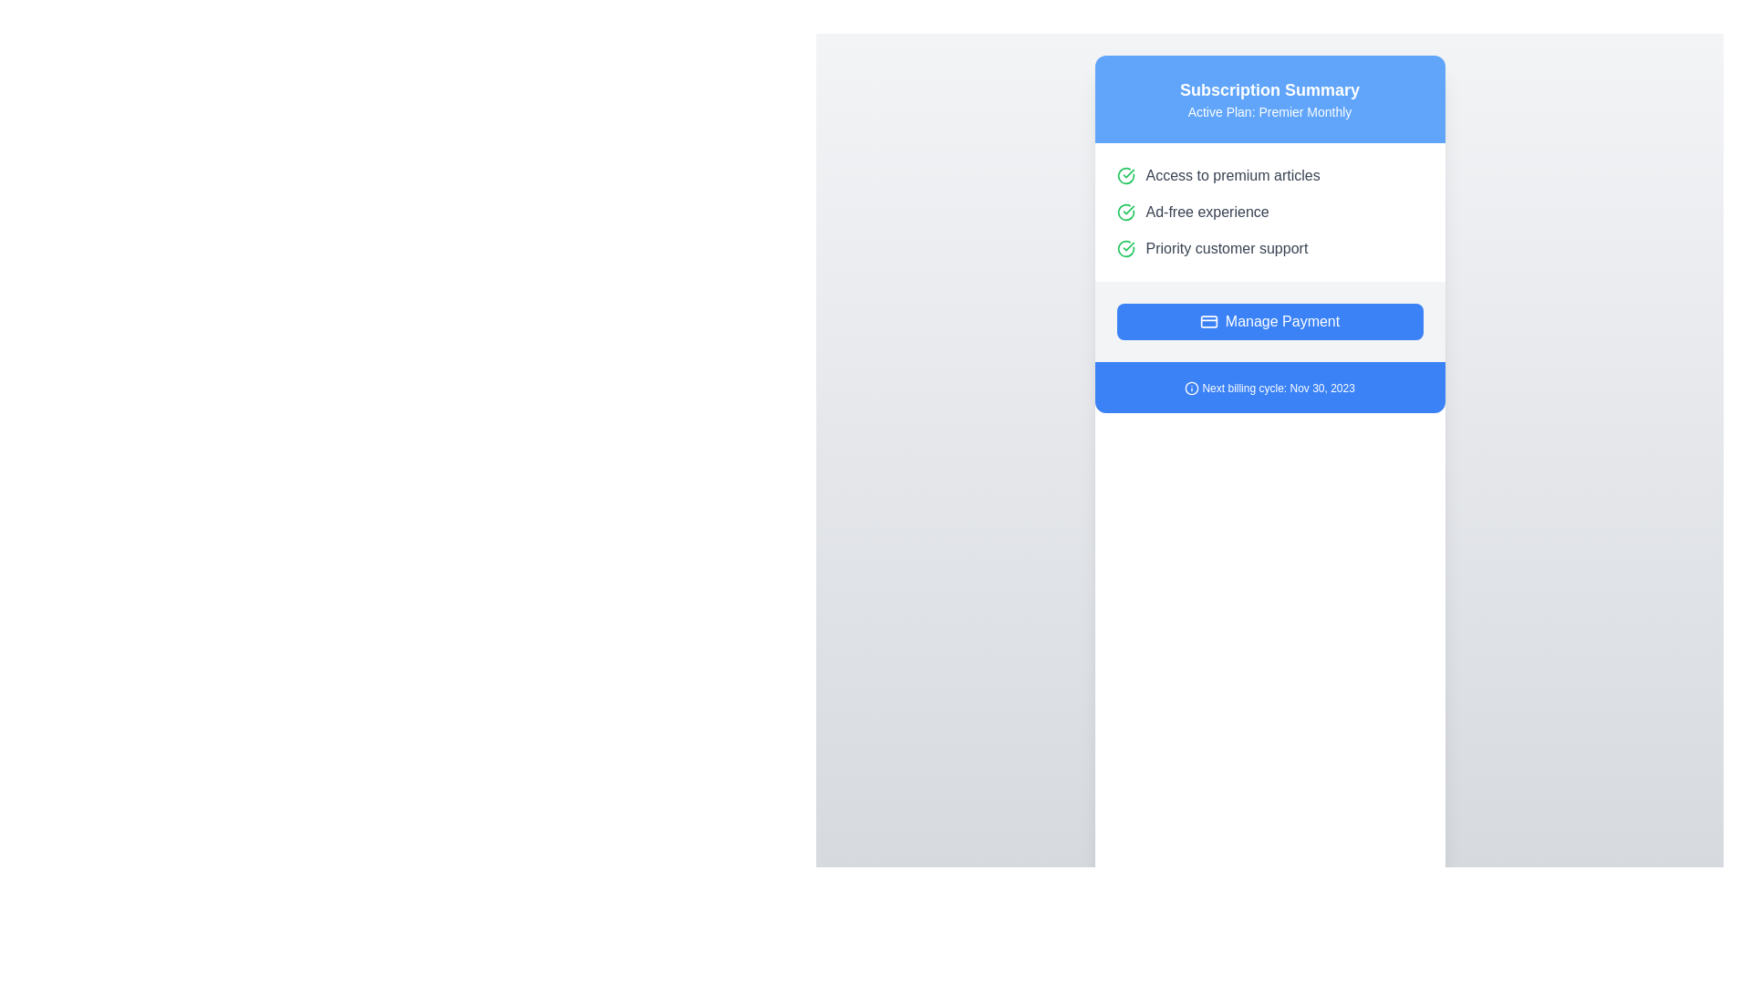  What do you see at coordinates (1269, 90) in the screenshot?
I see `the text label that serves as a title or heading summarizing the content of the section below, positioned at the top of a card-like component in the upper middle part of the interface` at bounding box center [1269, 90].